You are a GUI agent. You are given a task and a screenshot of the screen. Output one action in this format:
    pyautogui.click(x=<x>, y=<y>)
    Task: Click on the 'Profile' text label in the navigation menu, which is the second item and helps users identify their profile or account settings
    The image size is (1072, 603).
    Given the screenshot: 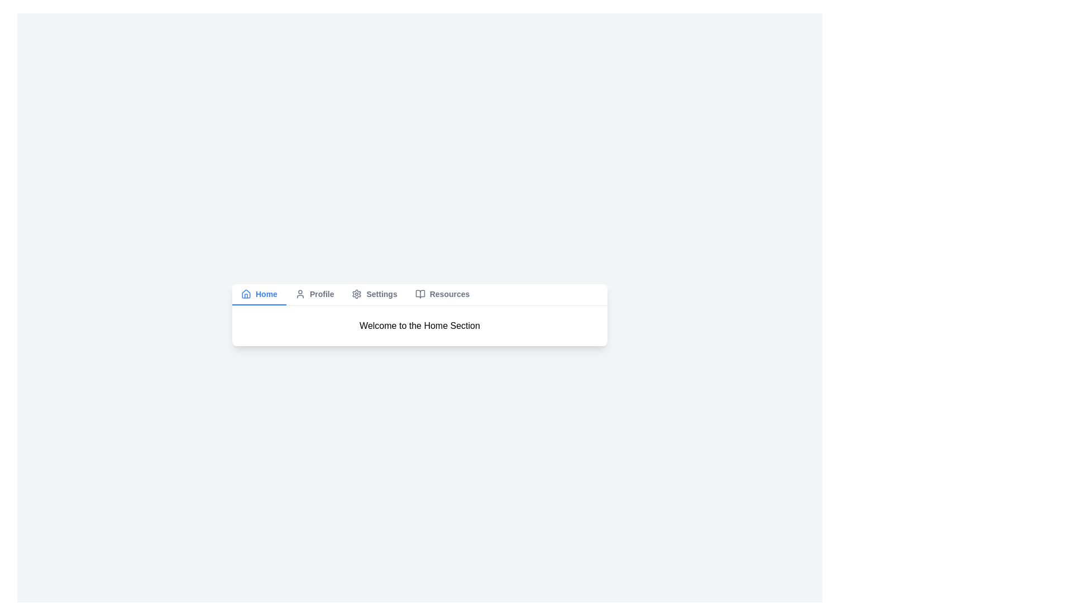 What is the action you would take?
    pyautogui.click(x=314, y=293)
    